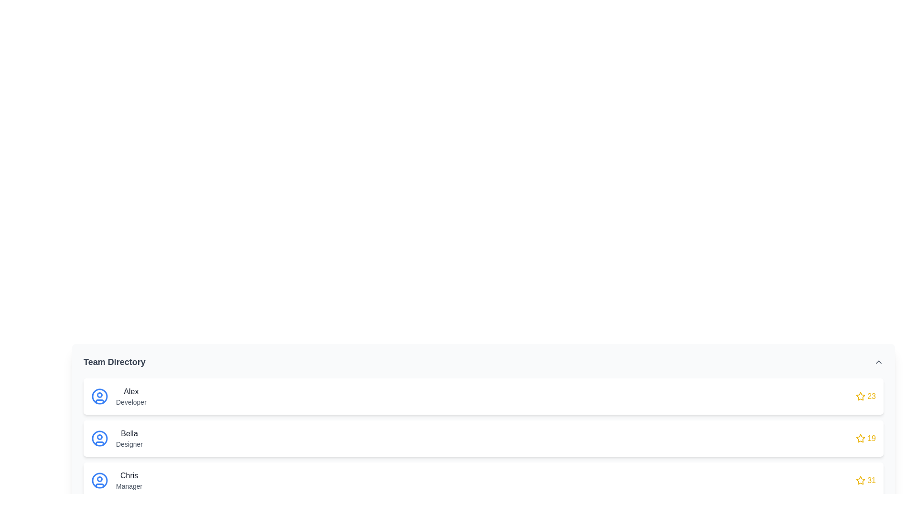  What do you see at coordinates (116, 439) in the screenshot?
I see `the Profile Display or List Item for user 'Bella', which features a blue circular avatar with a user silhouette, bold name 'Bella' above lighter gray text 'Designer'` at bounding box center [116, 439].